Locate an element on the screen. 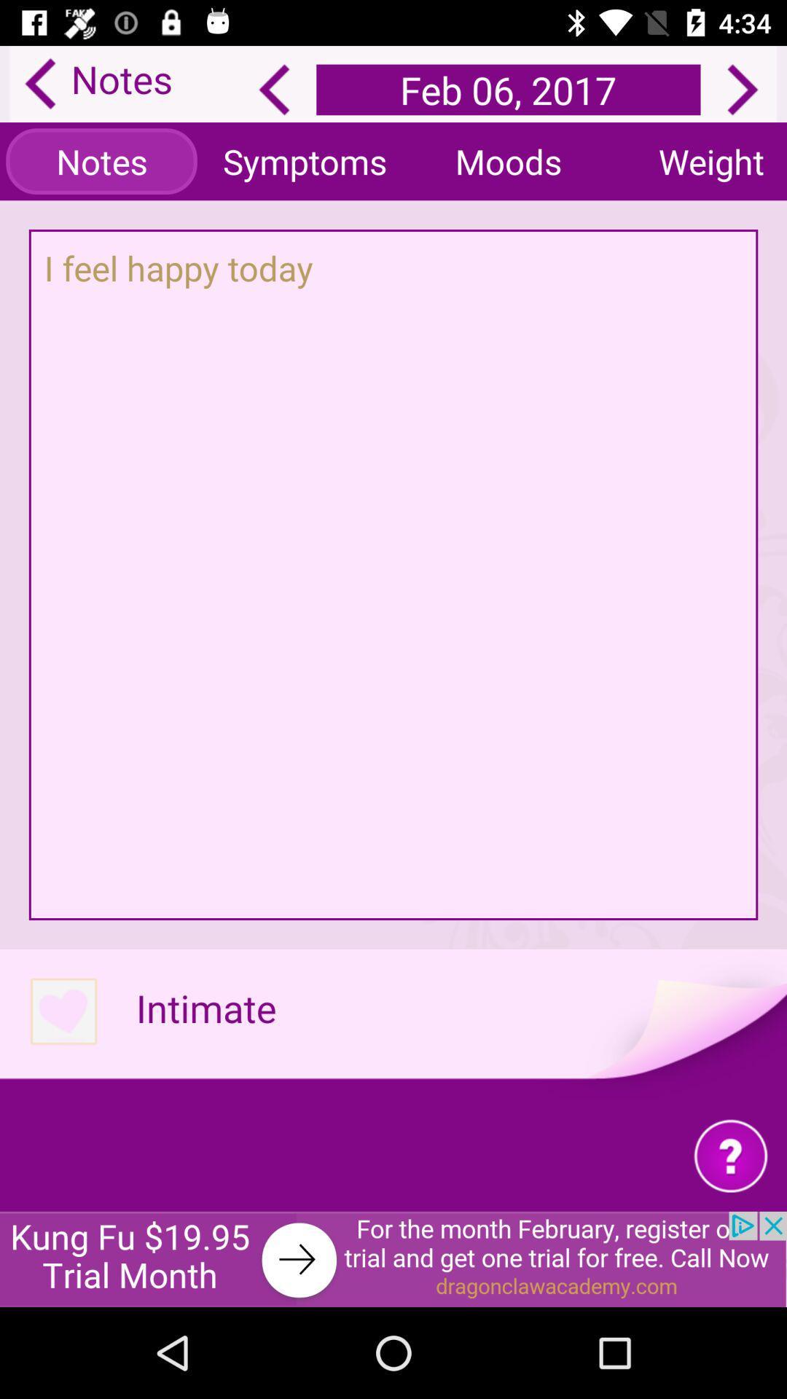 The width and height of the screenshot is (787, 1399). the arrow_forward icon is located at coordinates (743, 89).